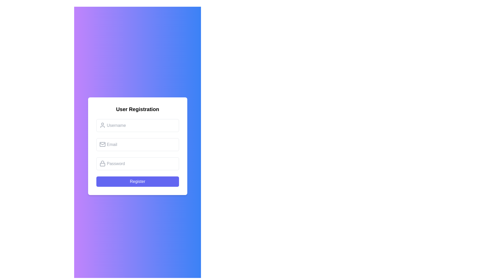  Describe the element at coordinates (102, 165) in the screenshot. I see `the rounded rectangular body of the lock icon, which is located below the shackle part of the icon` at that location.